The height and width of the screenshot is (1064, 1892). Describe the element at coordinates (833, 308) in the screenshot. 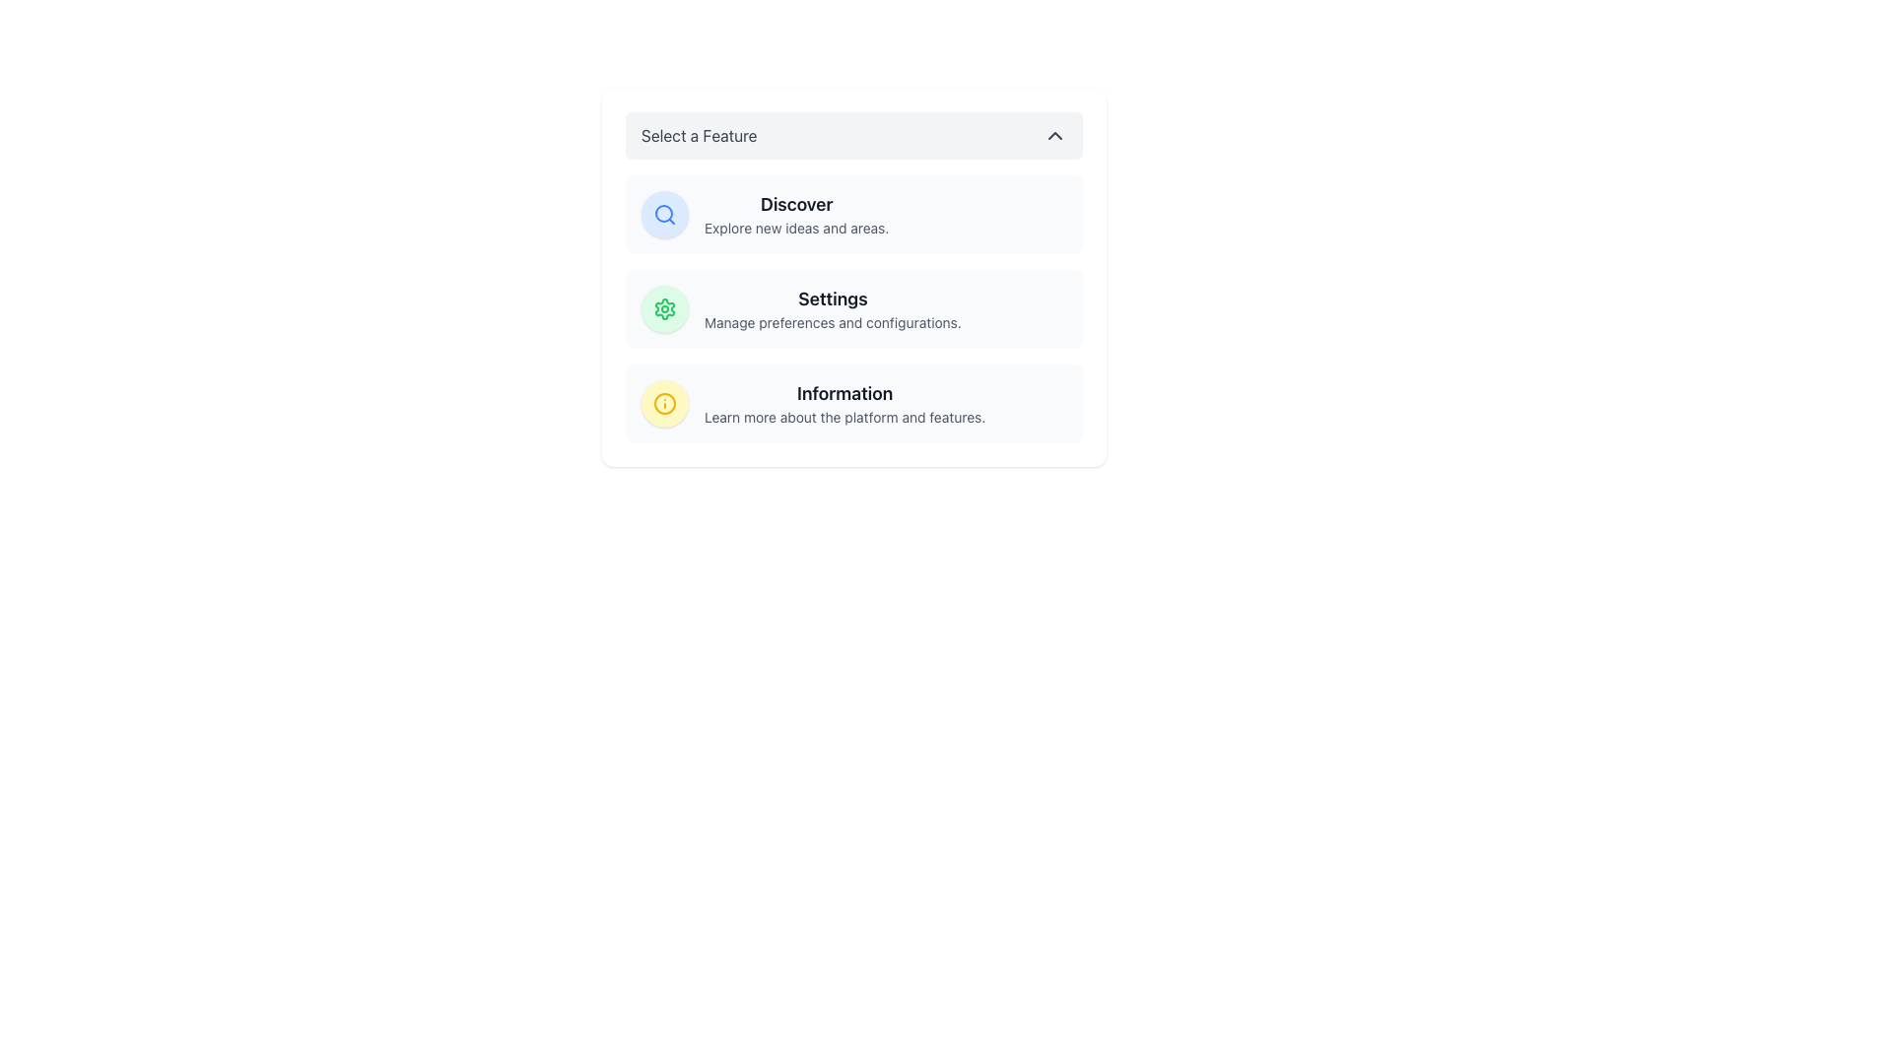

I see `the second item in the vertical list of options labeled 'Select a Feature' which allows navigation to settings or management of preferences` at that location.